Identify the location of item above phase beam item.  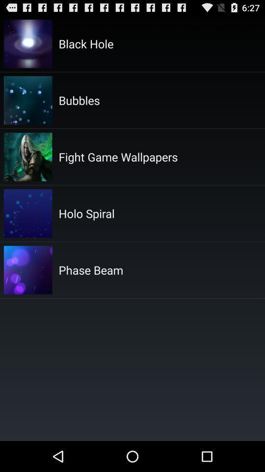
(86, 213).